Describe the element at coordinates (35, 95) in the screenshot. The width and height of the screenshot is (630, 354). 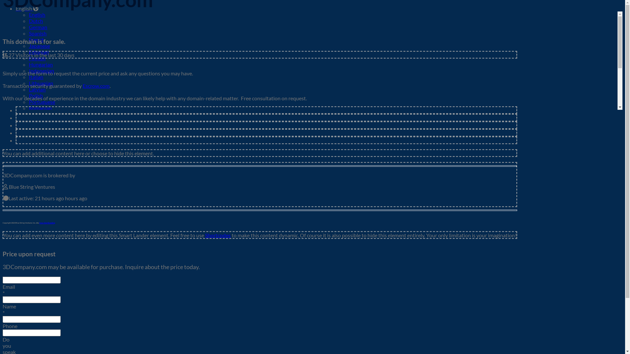
I see `'Polish'` at that location.